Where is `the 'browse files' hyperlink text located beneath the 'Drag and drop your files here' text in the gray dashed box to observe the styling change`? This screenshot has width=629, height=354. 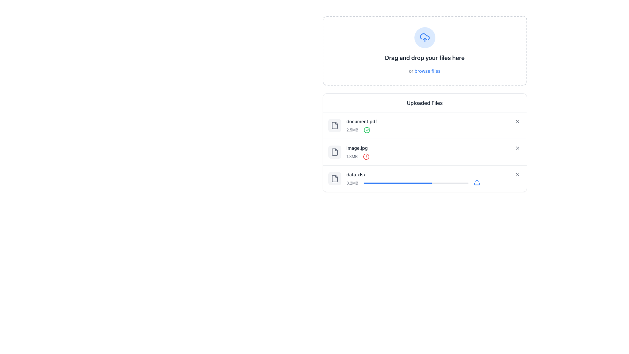 the 'browse files' hyperlink text located beneath the 'Drag and drop your files here' text in the gray dashed box to observe the styling change is located at coordinates (428, 71).